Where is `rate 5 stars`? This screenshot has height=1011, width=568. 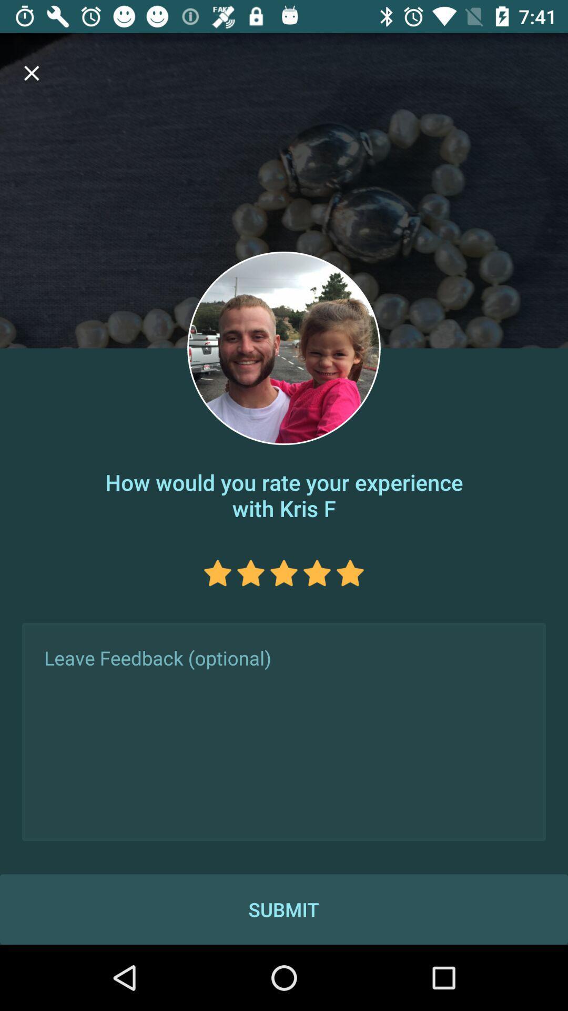
rate 5 stars is located at coordinates (350, 572).